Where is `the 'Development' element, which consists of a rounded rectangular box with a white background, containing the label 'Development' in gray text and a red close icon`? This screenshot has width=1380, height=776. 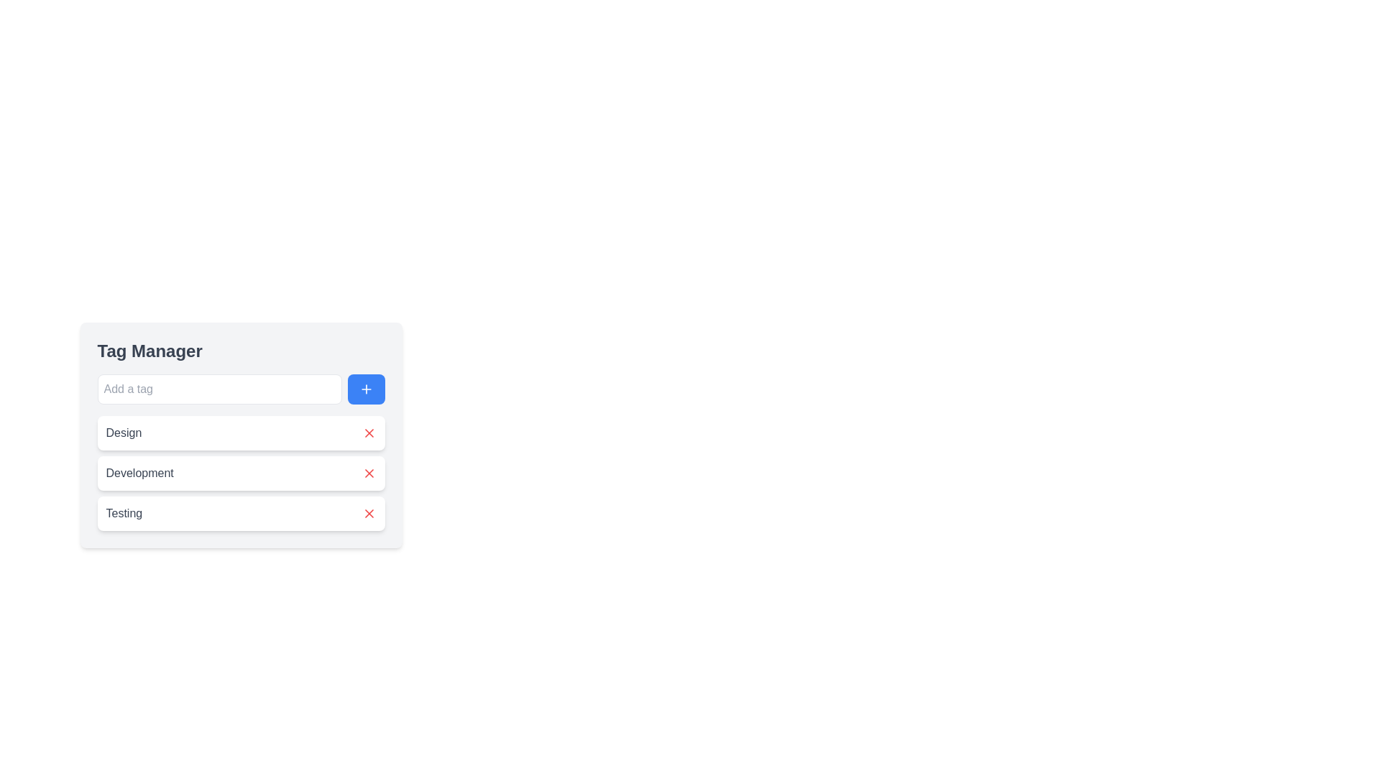 the 'Development' element, which consists of a rounded rectangular box with a white background, containing the label 'Development' in gray text and a red close icon is located at coordinates (241, 474).